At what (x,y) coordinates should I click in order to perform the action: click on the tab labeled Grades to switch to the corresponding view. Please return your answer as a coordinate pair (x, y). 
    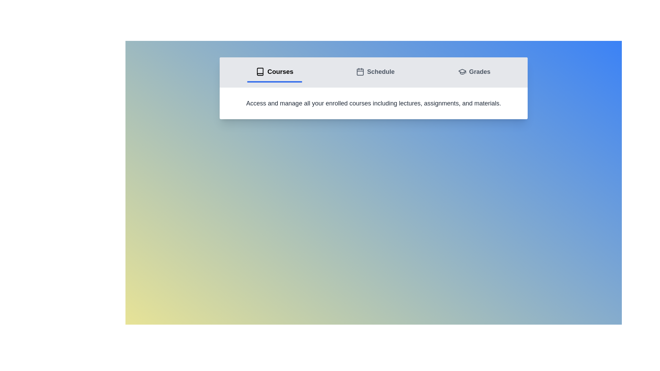
    Looking at the image, I should click on (474, 72).